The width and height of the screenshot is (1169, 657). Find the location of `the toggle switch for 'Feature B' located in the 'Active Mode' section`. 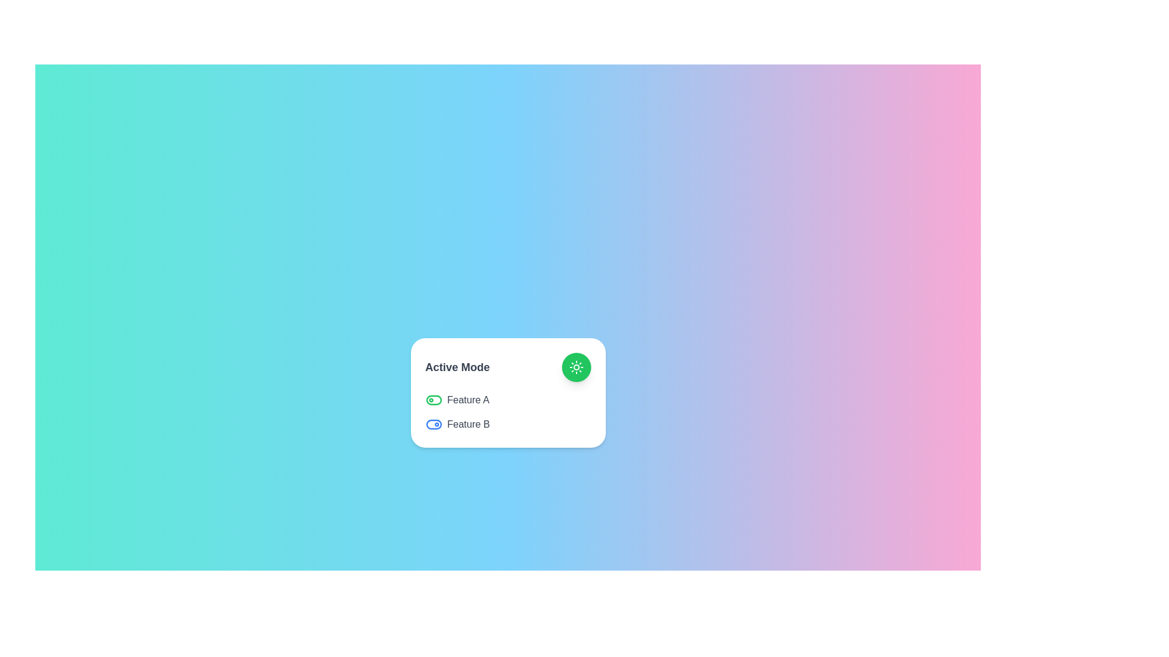

the toggle switch for 'Feature B' located in the 'Active Mode' section is located at coordinates (434, 424).